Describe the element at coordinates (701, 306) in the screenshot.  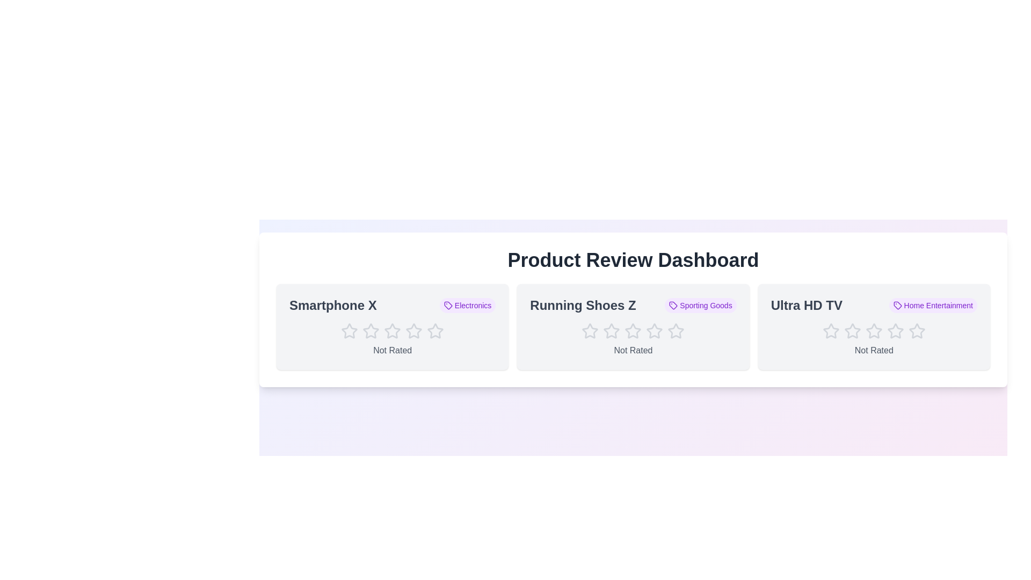
I see `the category label for Running Shoes Z to view its category` at that location.